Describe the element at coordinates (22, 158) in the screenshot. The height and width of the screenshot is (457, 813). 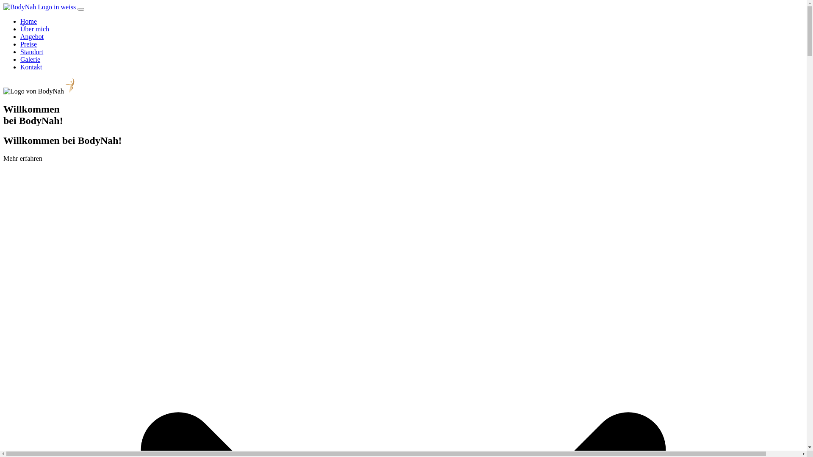
I see `'Mehr erfahren'` at that location.